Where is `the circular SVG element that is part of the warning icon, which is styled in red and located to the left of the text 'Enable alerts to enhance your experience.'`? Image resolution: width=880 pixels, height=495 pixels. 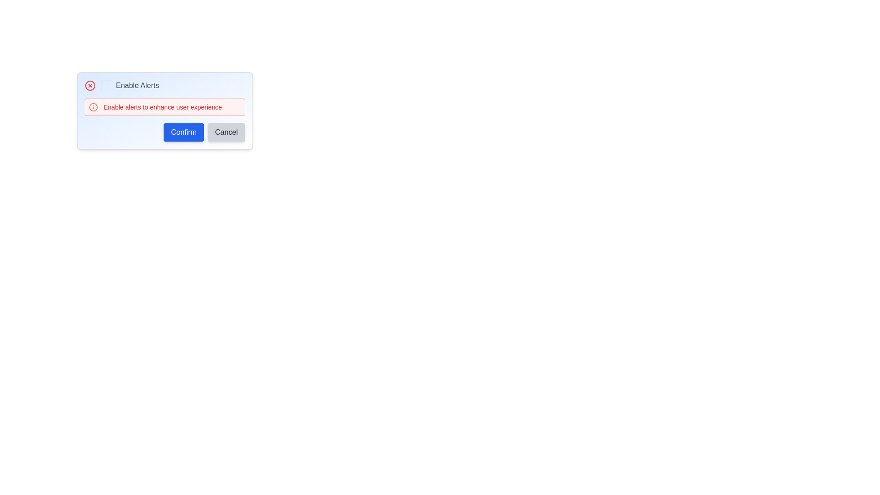 the circular SVG element that is part of the warning icon, which is styled in red and located to the left of the text 'Enable alerts to enhance your experience.' is located at coordinates (93, 107).